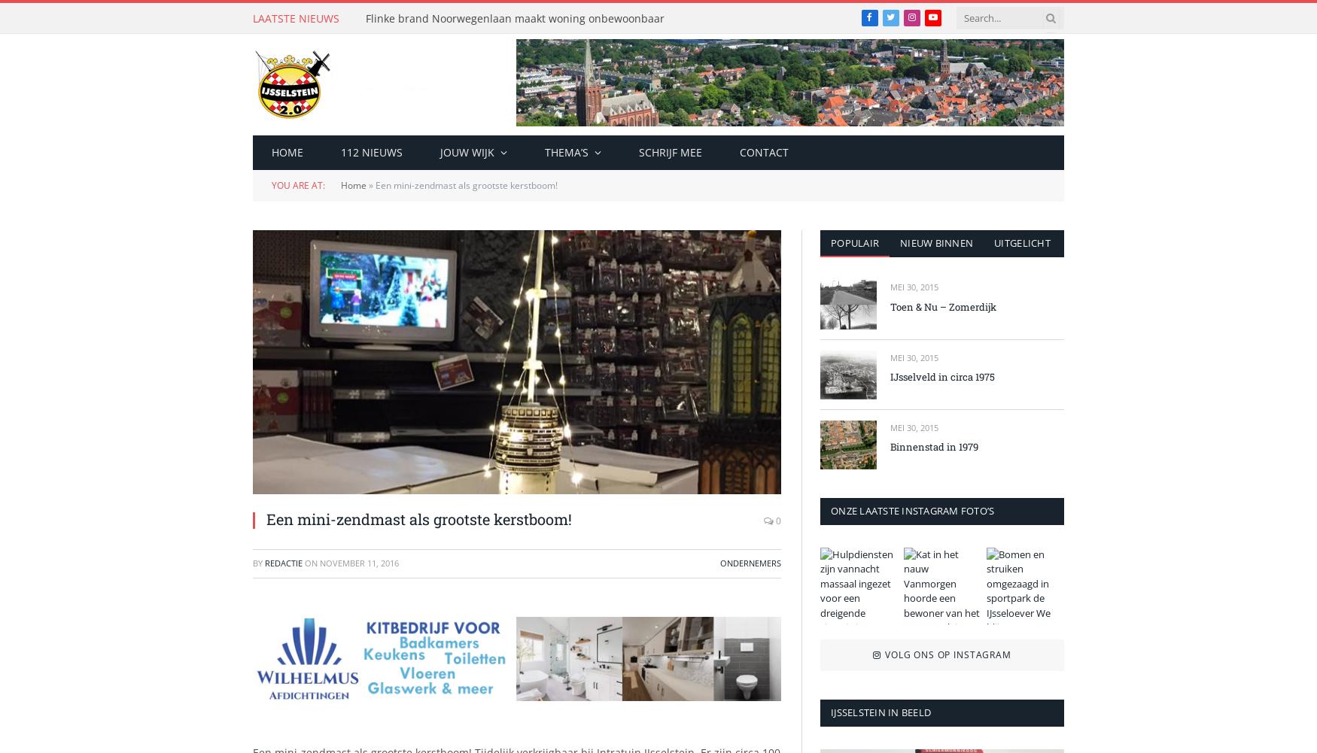 The height and width of the screenshot is (753, 1317). I want to click on 'Vuurwerkbom beschadigd woning aan Italielaan', so click(506, 303).